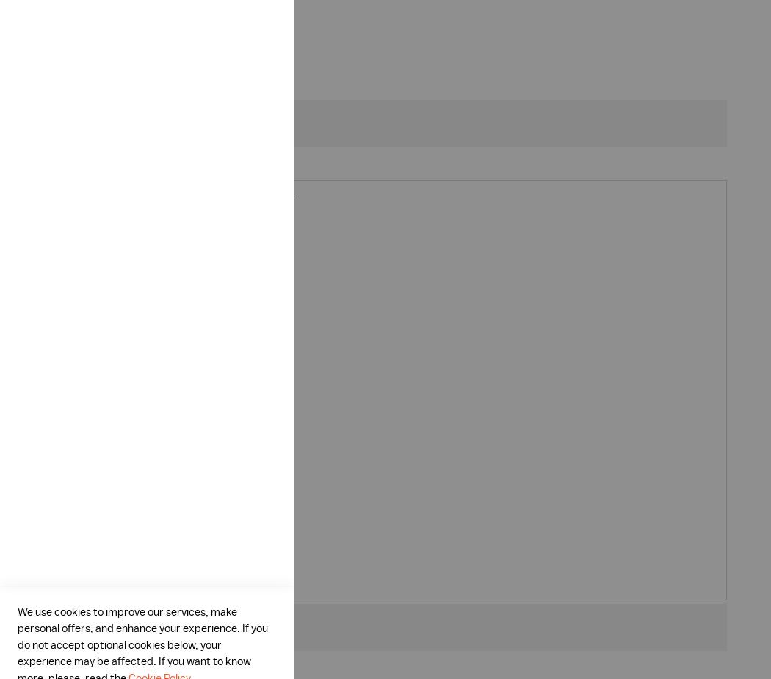 The image size is (771, 679). I want to click on 'Oxygen ionizer', so click(113, 439).